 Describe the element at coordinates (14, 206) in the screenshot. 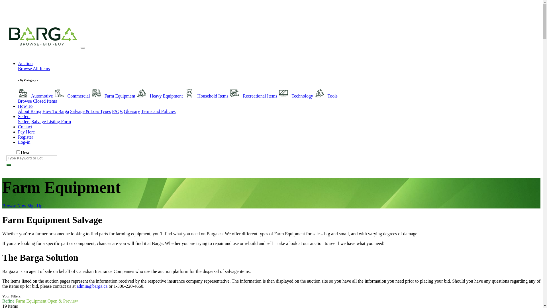

I see `'Browse Now'` at that location.